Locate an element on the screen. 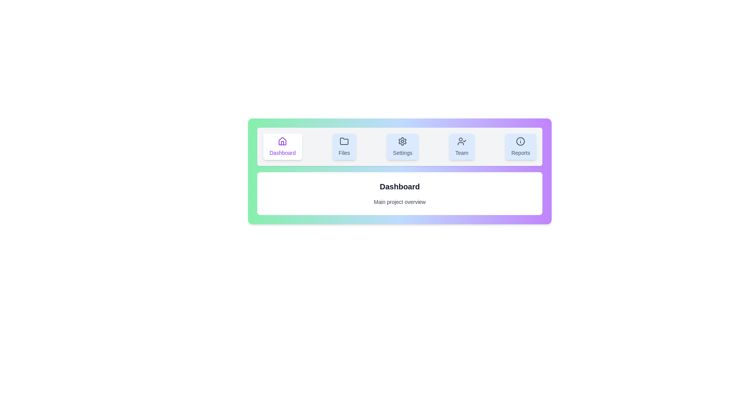 The height and width of the screenshot is (414, 736). the tab labeled Team by clicking on it is located at coordinates (461, 146).